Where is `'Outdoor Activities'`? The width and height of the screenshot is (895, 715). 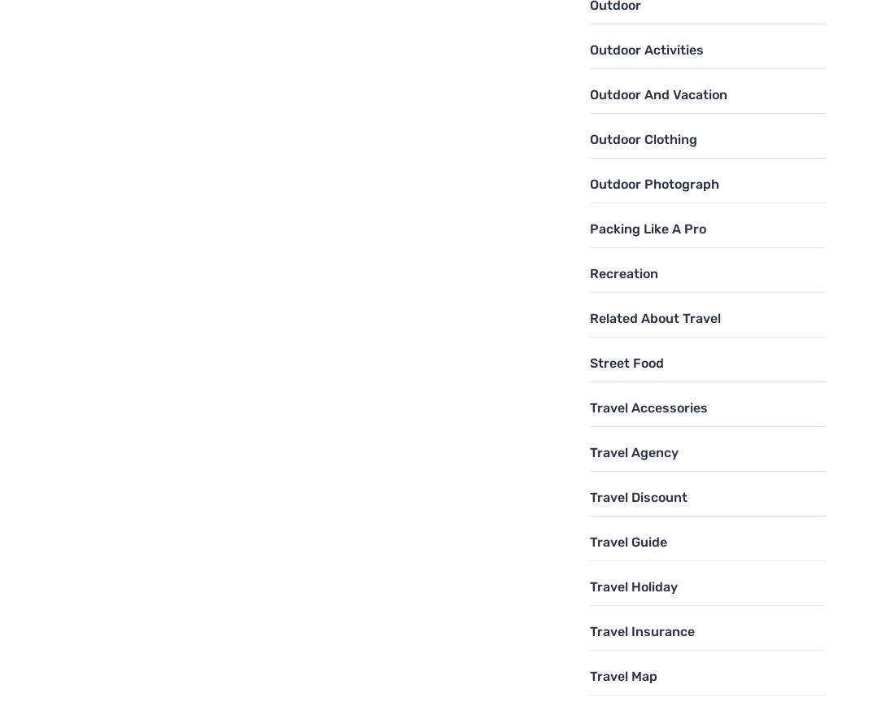
'Outdoor Activities' is located at coordinates (588, 49).